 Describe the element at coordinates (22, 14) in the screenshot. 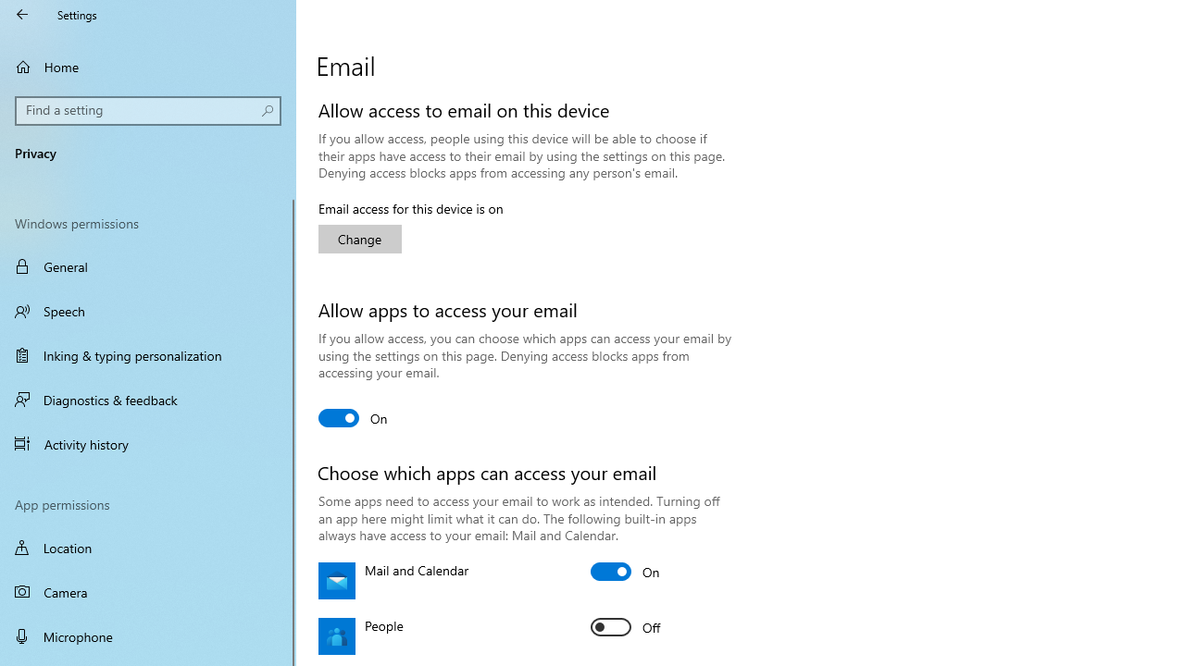

I see `'Back'` at that location.